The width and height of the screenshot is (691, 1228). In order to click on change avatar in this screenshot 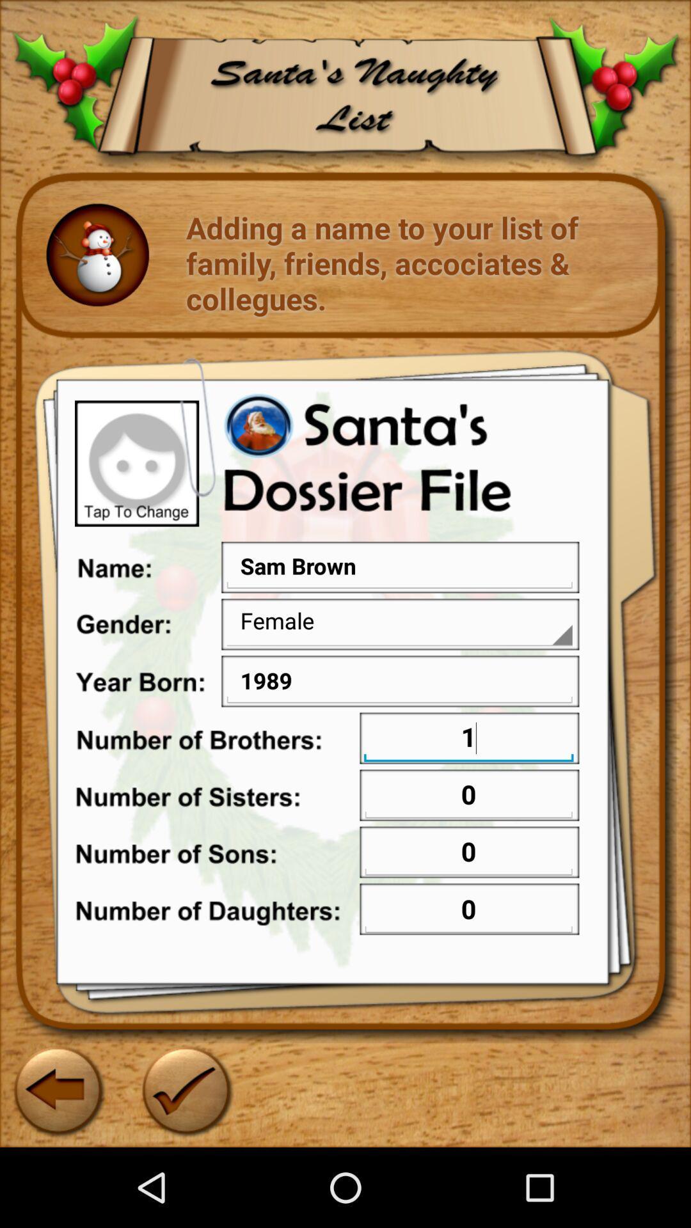, I will do `click(137, 462)`.